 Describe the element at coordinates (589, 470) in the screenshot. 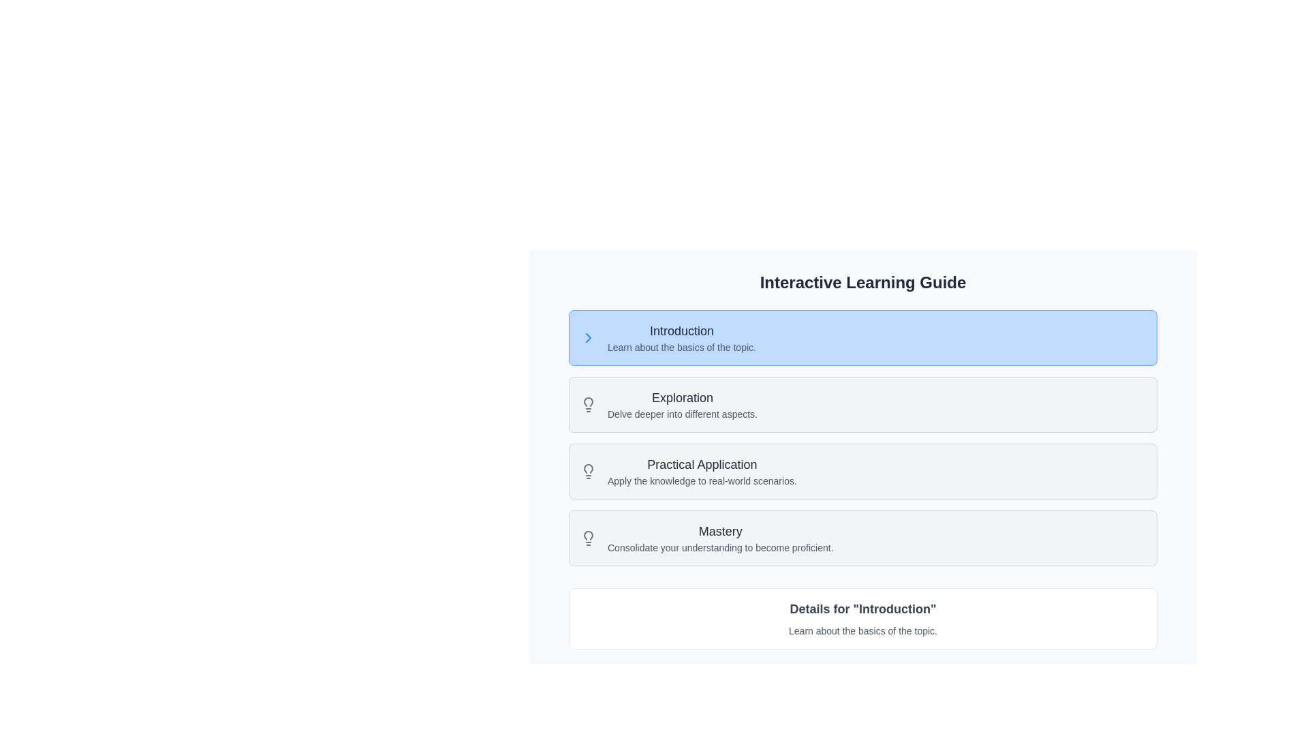

I see `the lightbulb icon associated with the 'Practical Application' card, which is the leftmost component of the card in the vertical list` at that location.